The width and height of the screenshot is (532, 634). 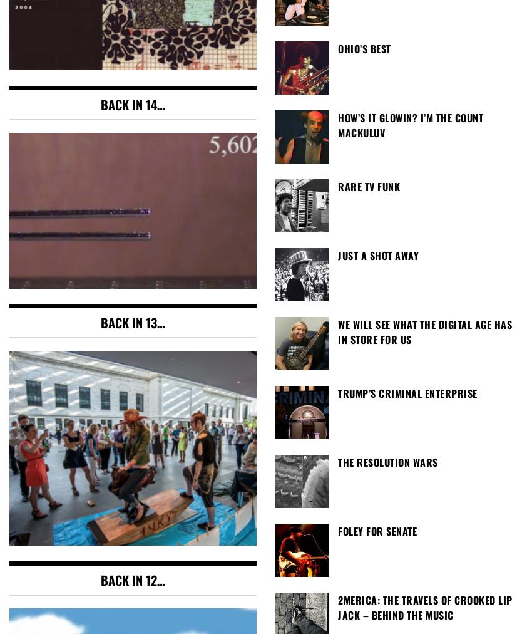 I want to click on 'Foley For Senate', so click(x=376, y=530).